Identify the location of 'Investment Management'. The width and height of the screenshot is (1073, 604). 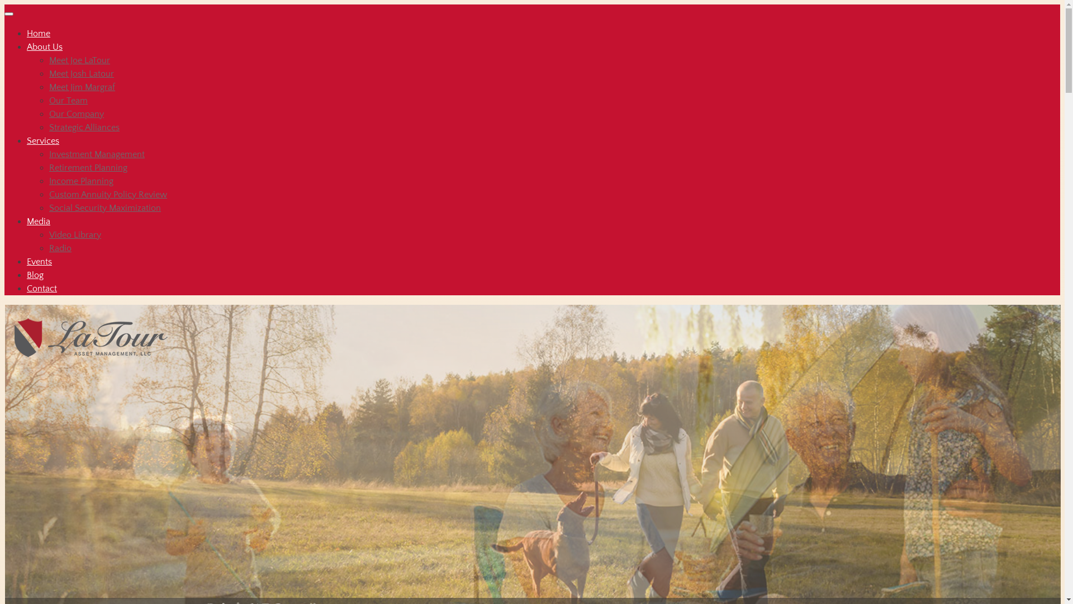
(97, 154).